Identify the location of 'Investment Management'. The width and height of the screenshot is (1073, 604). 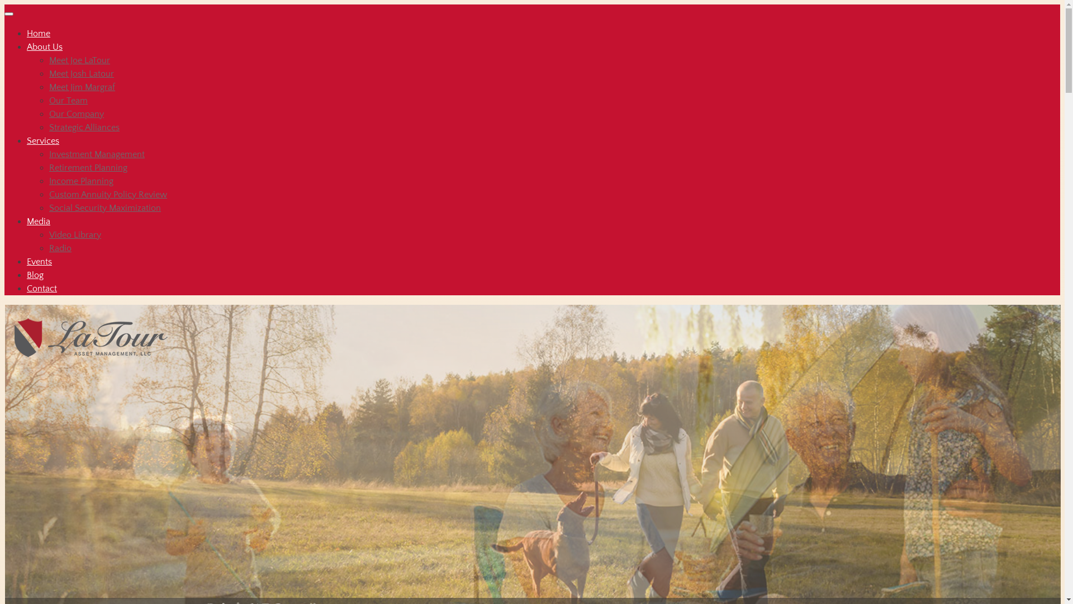
(97, 154).